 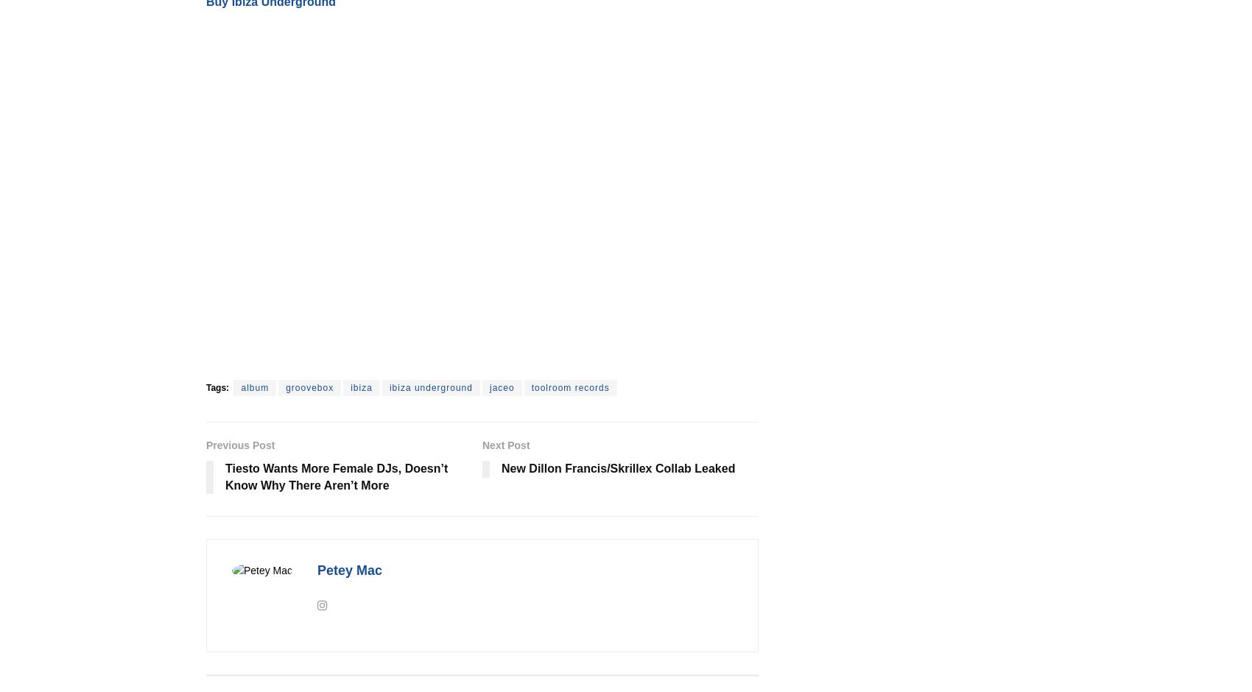 I want to click on 'album', so click(x=253, y=386).